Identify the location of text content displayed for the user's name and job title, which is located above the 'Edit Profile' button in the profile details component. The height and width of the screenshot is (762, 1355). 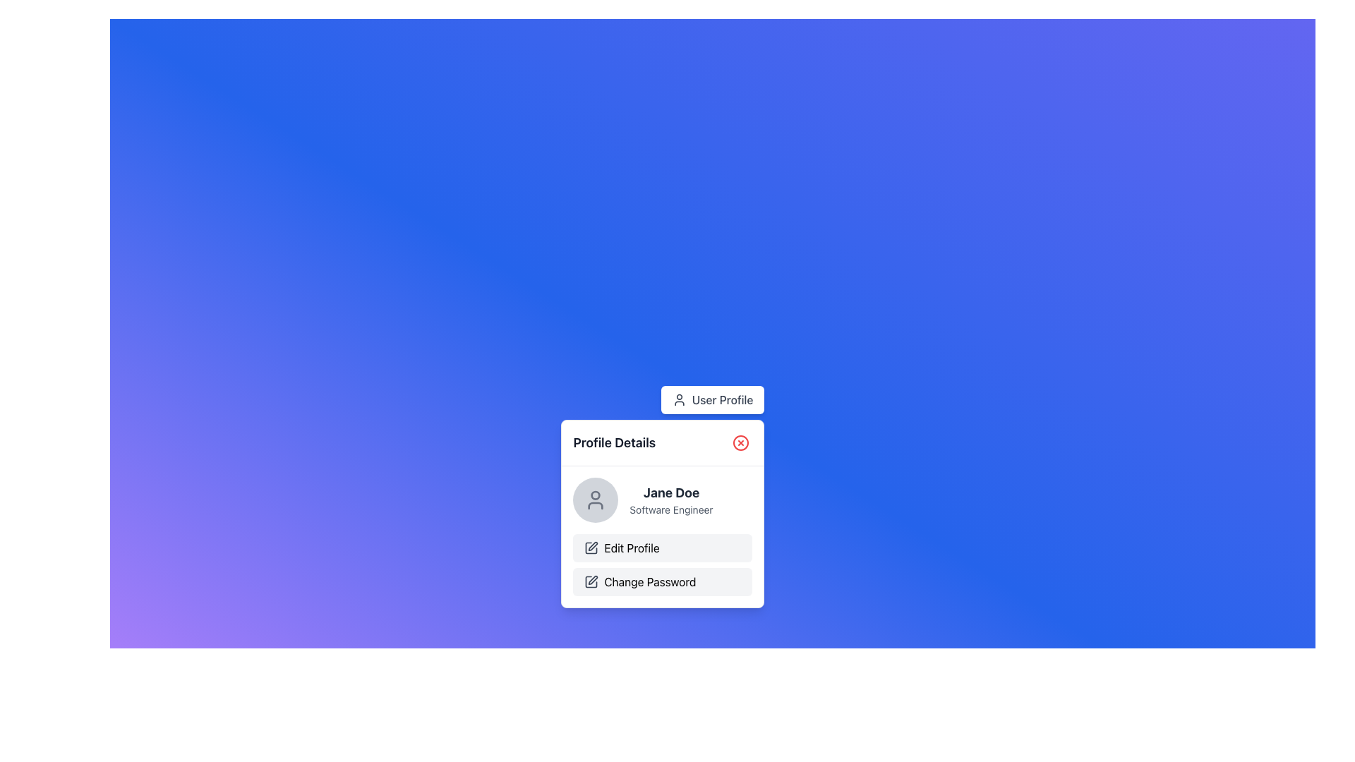
(670, 500).